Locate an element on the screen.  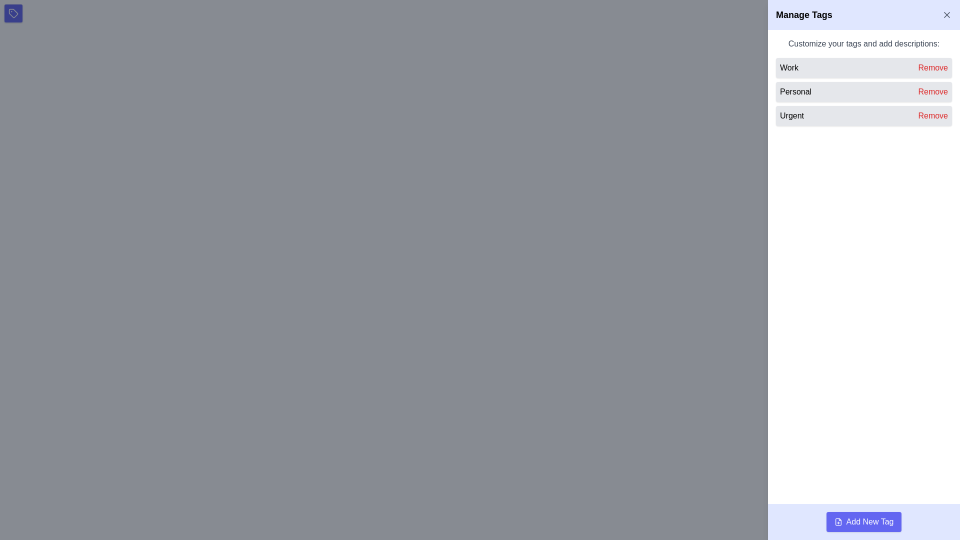
the circular 'X' button located in the top-right corner of the 'Manage Tags' panel is located at coordinates (946, 15).